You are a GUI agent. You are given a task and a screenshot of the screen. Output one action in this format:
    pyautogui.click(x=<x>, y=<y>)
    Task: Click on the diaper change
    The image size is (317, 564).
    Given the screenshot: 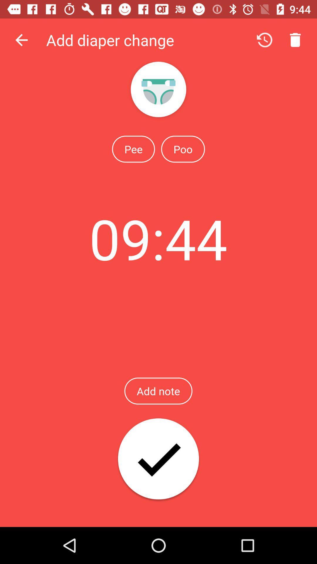 What is the action you would take?
    pyautogui.click(x=158, y=459)
    